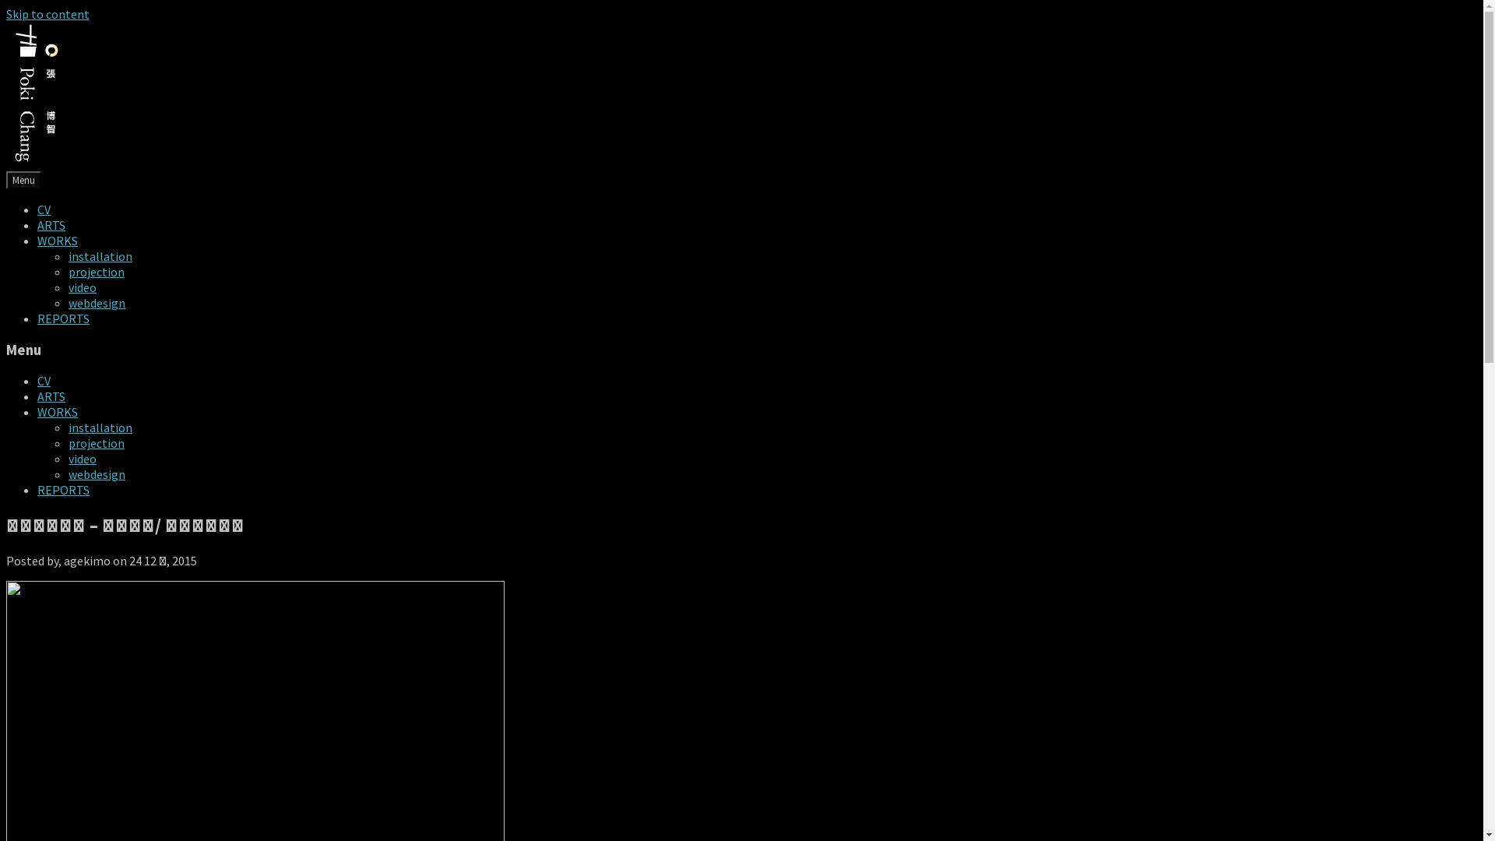  What do you see at coordinates (67, 473) in the screenshot?
I see `'webdesign'` at bounding box center [67, 473].